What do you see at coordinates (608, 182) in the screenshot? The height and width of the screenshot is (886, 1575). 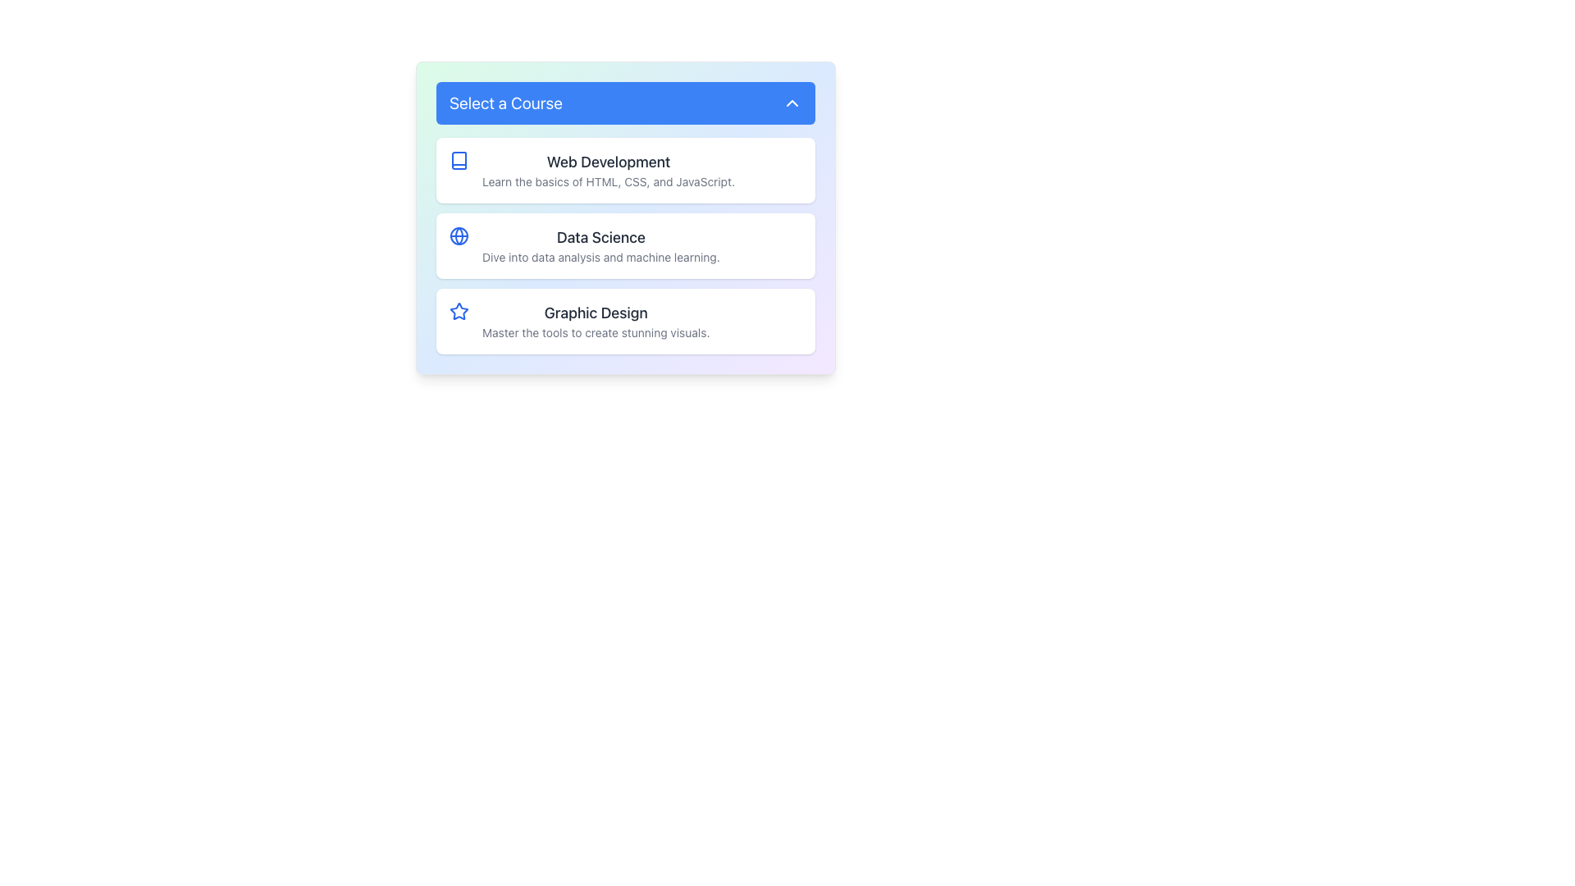 I see `descriptive text snippet styled in a small gray font that states 'Learn the basics of HTML, CSS, and JavaScript.' located below the 'Web Development' header` at bounding box center [608, 182].